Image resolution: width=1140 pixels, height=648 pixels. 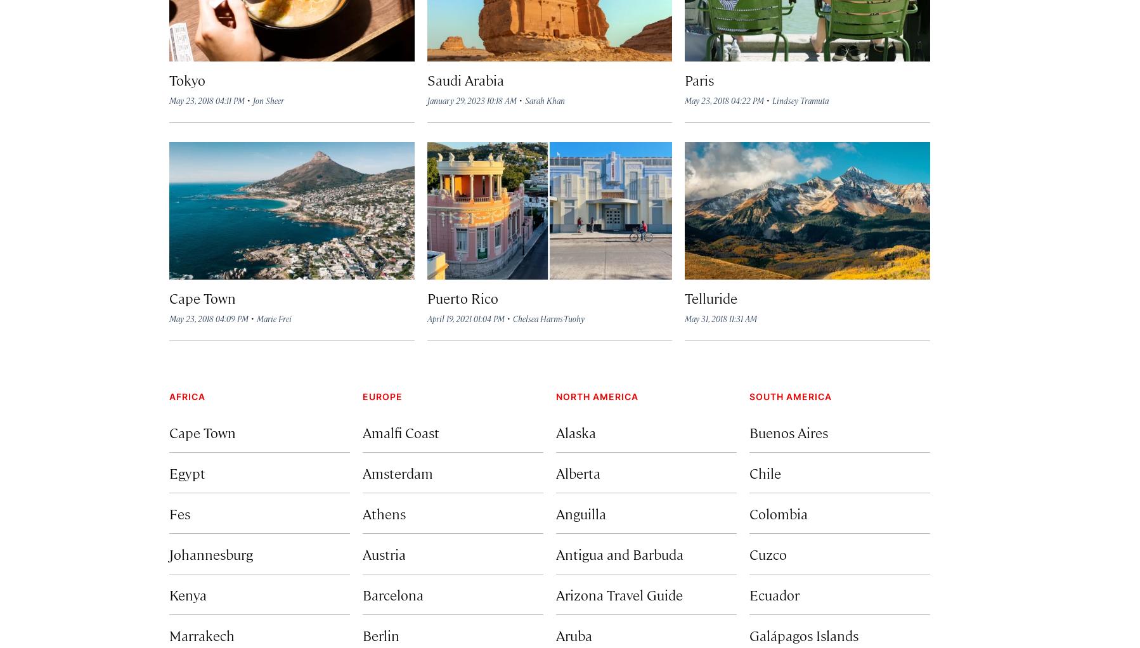 I want to click on 'Alberta', so click(x=577, y=471).